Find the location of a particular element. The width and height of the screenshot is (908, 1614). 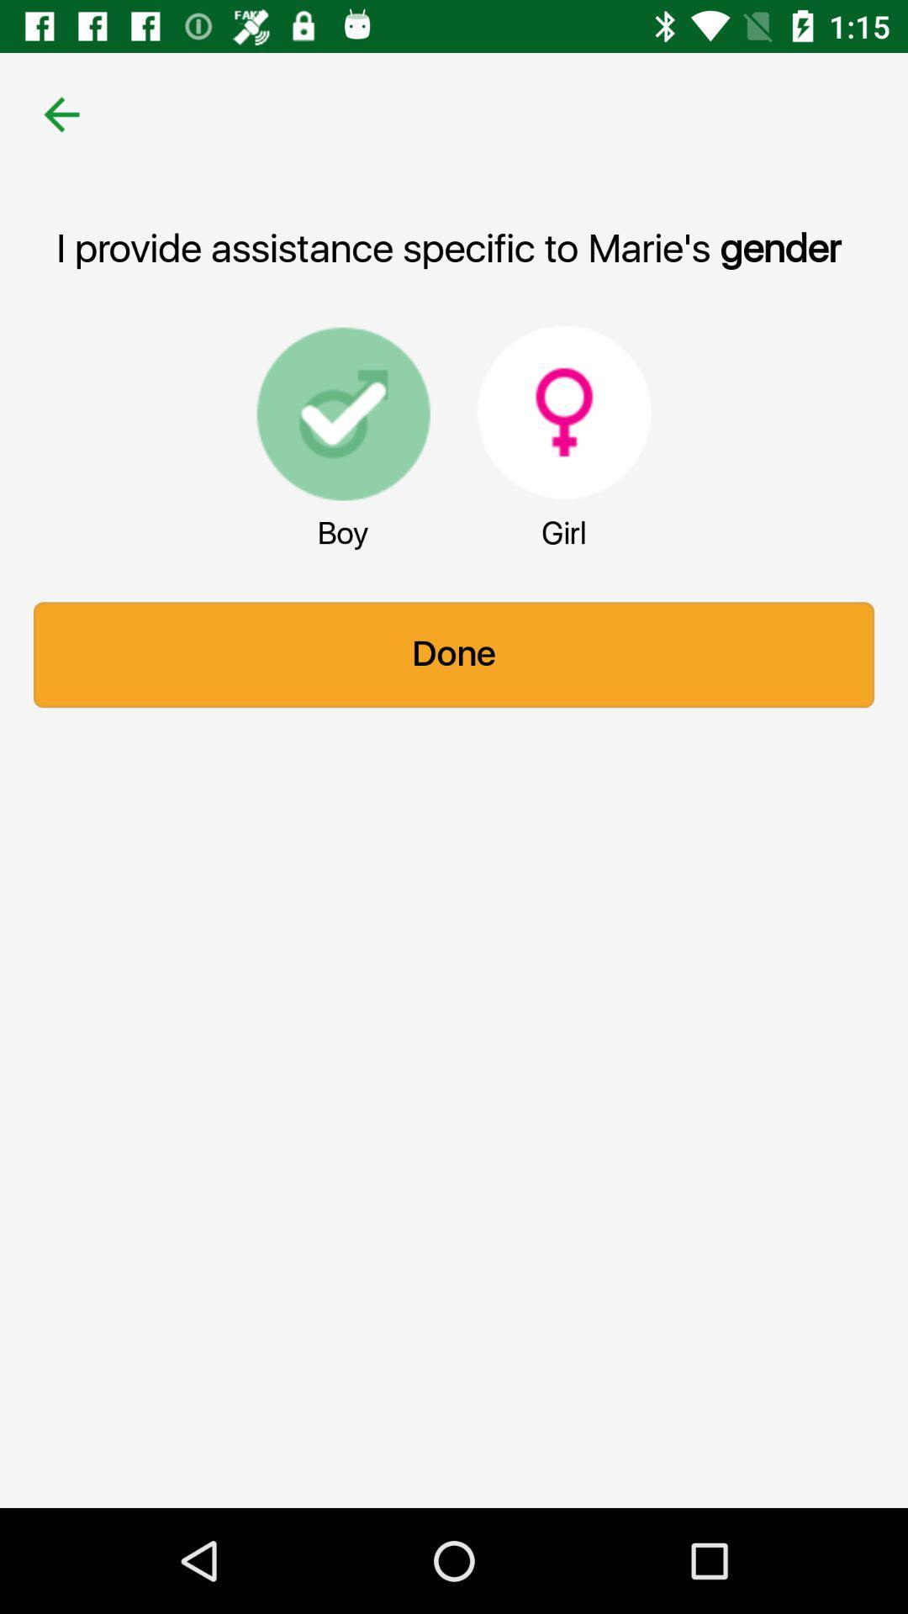

icon above girl item is located at coordinates (564, 412).